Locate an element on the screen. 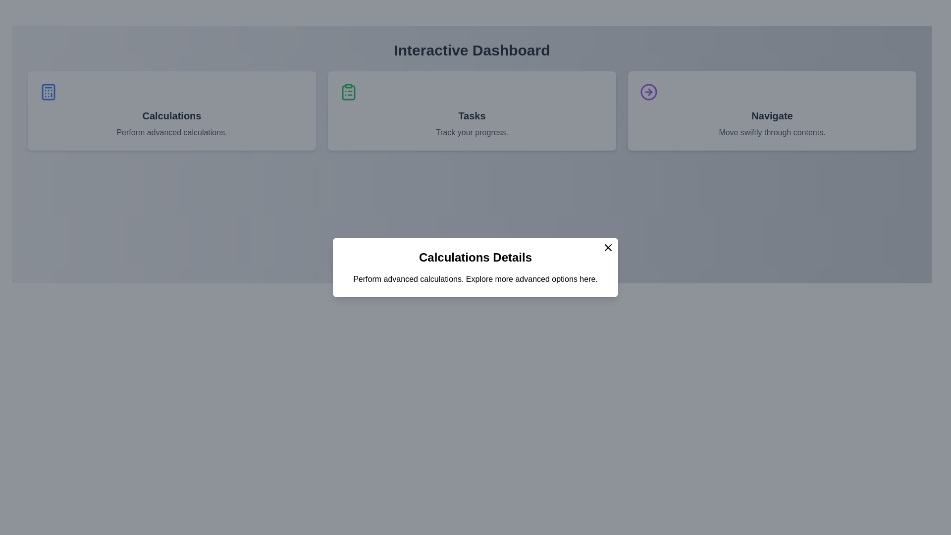 Image resolution: width=951 pixels, height=535 pixels. the 'Navigate' text label, which is styled in bold with an extra-large gray font, located within a rounded card in a three-card layout, positioned below an icon and above description text is located at coordinates (772, 115).